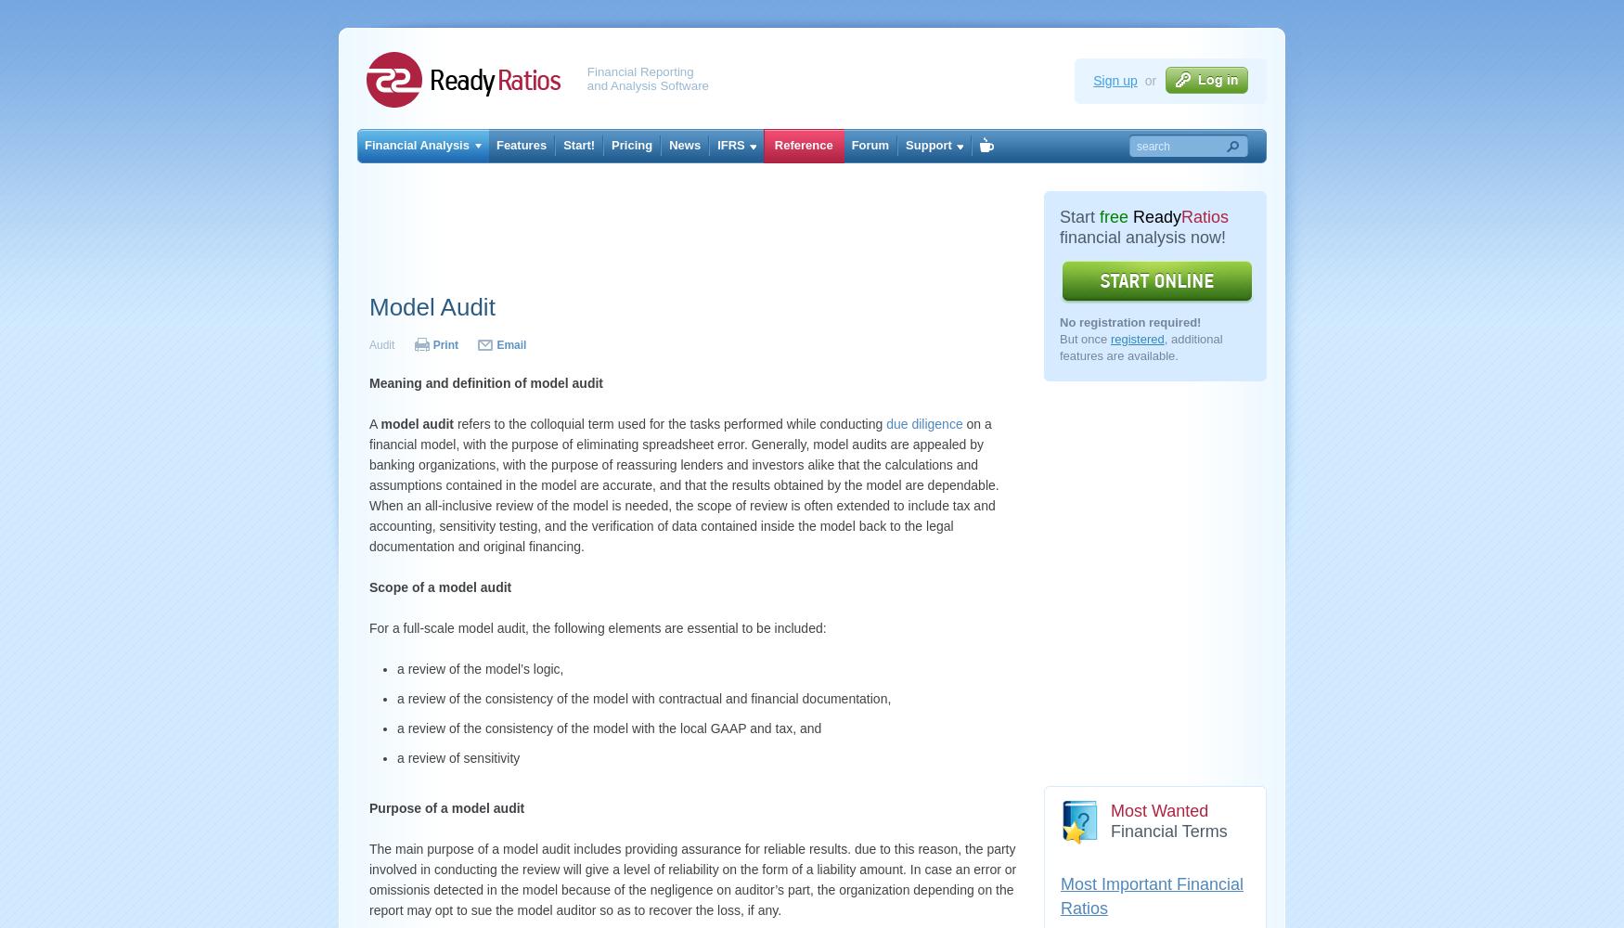 Image resolution: width=1624 pixels, height=928 pixels. I want to click on 'Purpose of a model audit', so click(367, 807).